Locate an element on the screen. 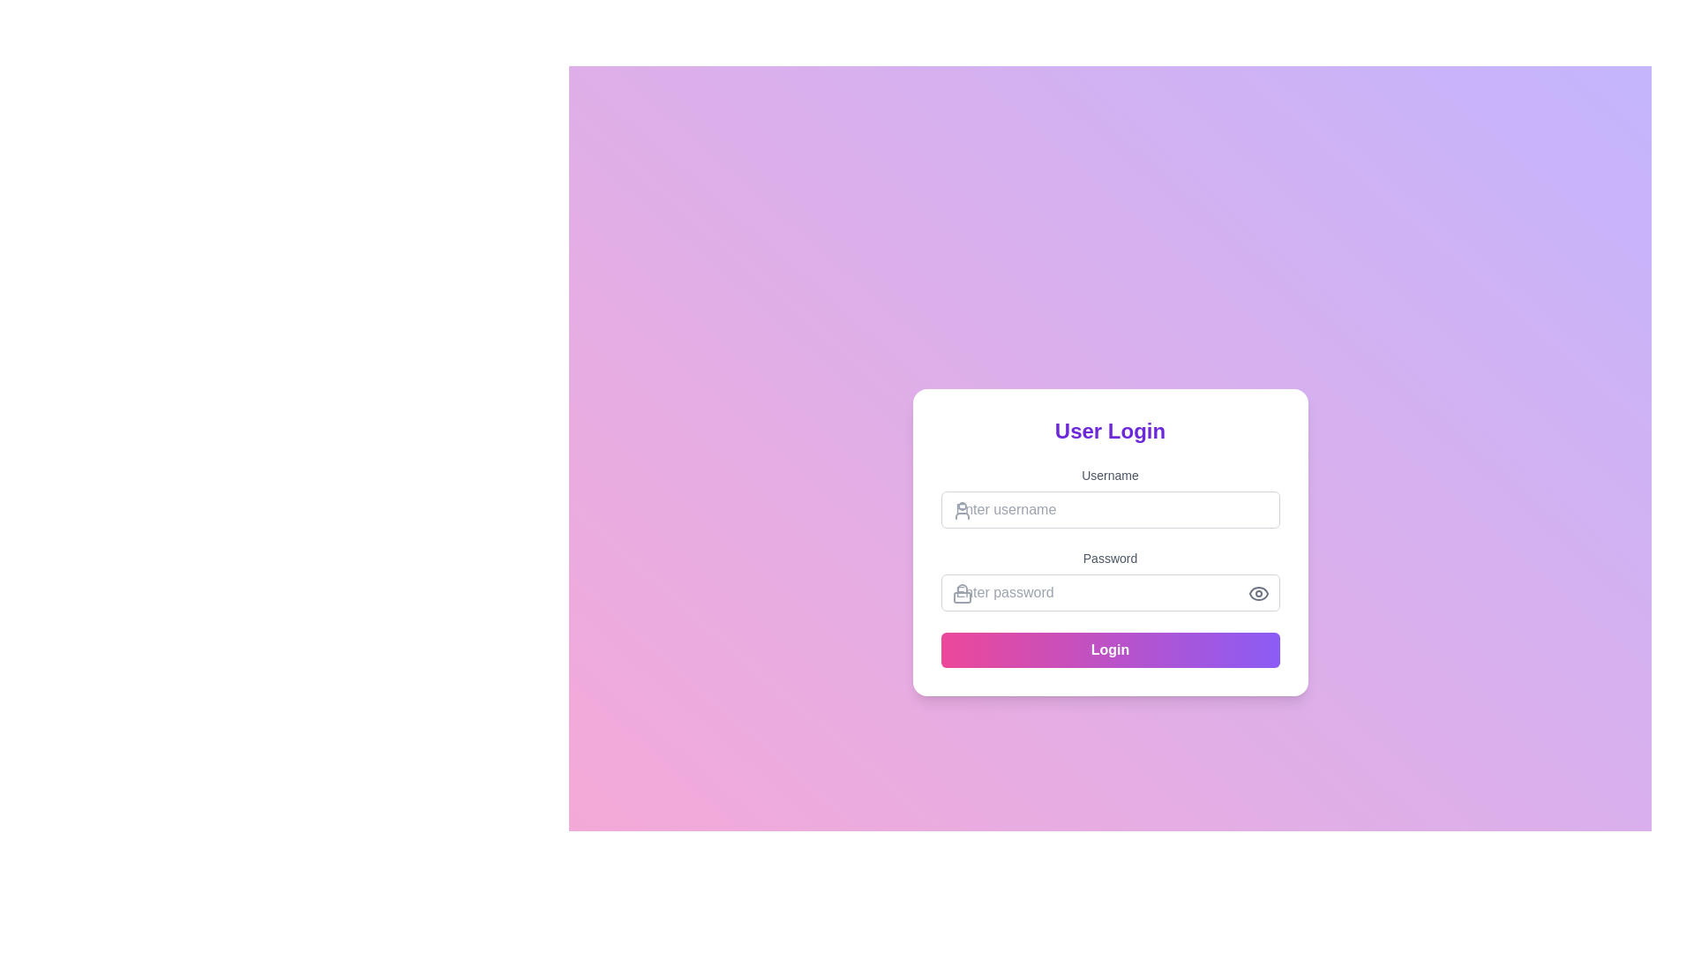 This screenshot has width=1694, height=953. the eye icon button located at the top-right corner of the password input field is located at coordinates (1257, 593).